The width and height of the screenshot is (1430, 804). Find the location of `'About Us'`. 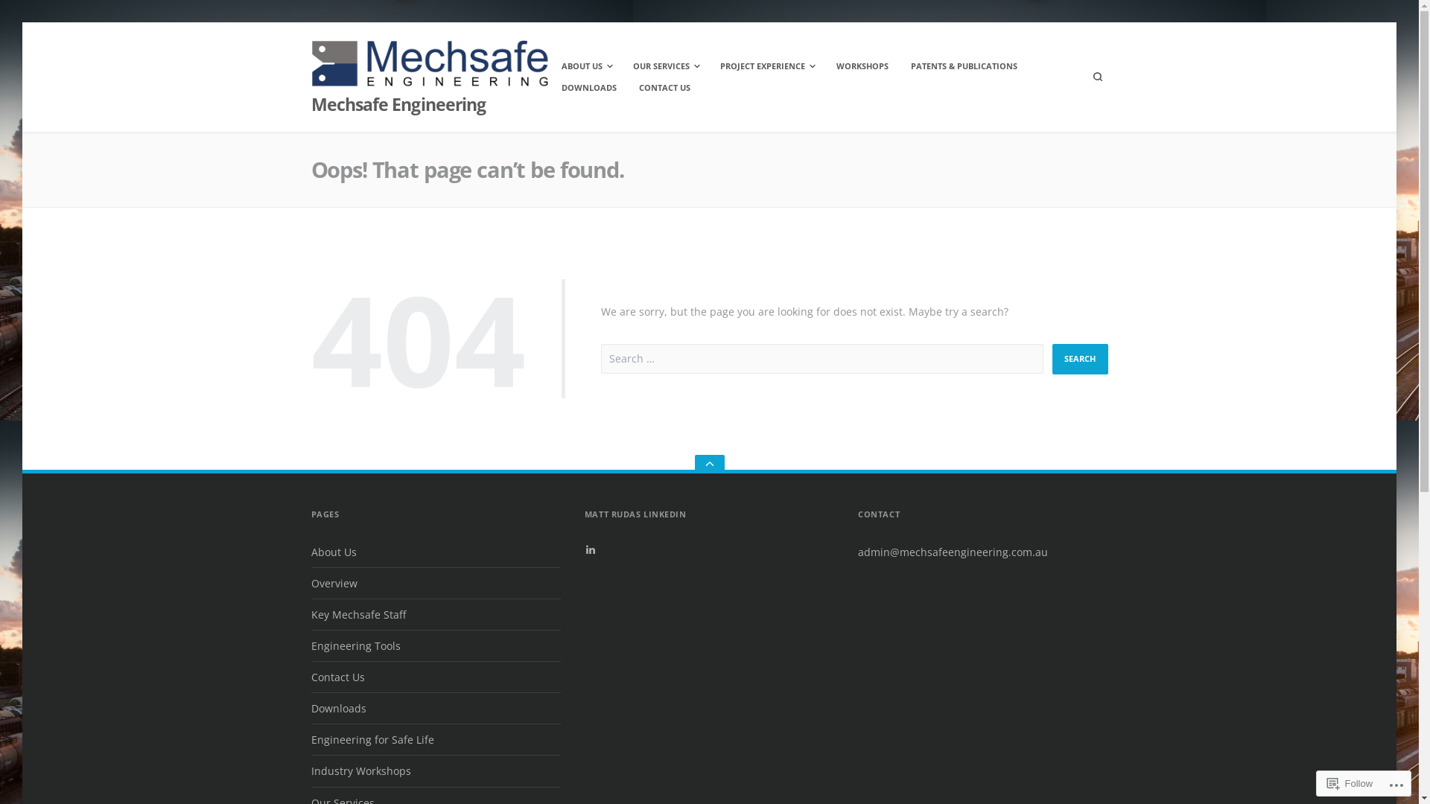

'About Us' is located at coordinates (310, 552).